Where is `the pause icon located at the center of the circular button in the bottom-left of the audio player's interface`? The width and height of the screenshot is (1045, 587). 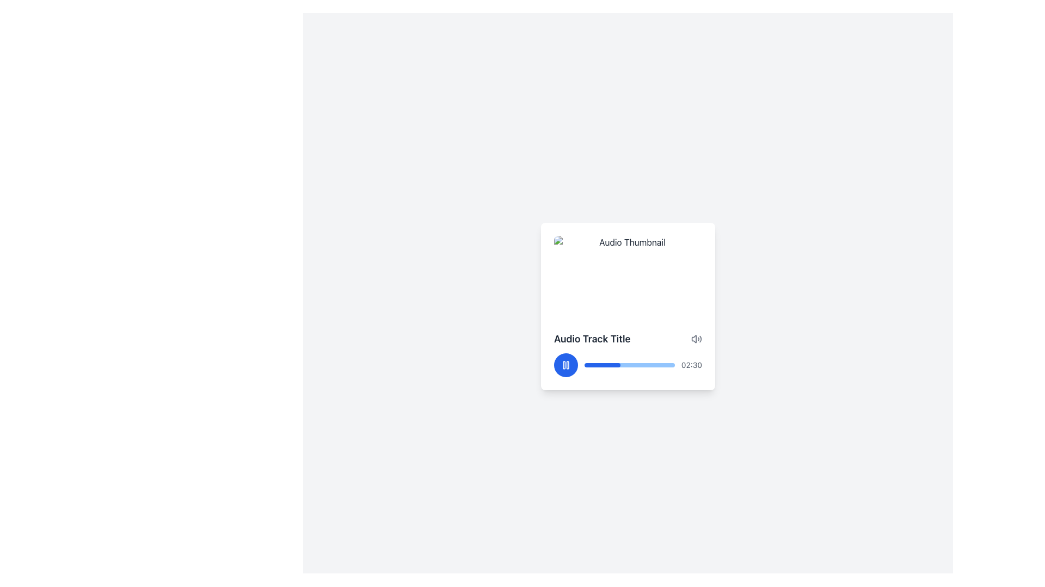
the pause icon located at the center of the circular button in the bottom-left of the audio player's interface is located at coordinates (566, 365).